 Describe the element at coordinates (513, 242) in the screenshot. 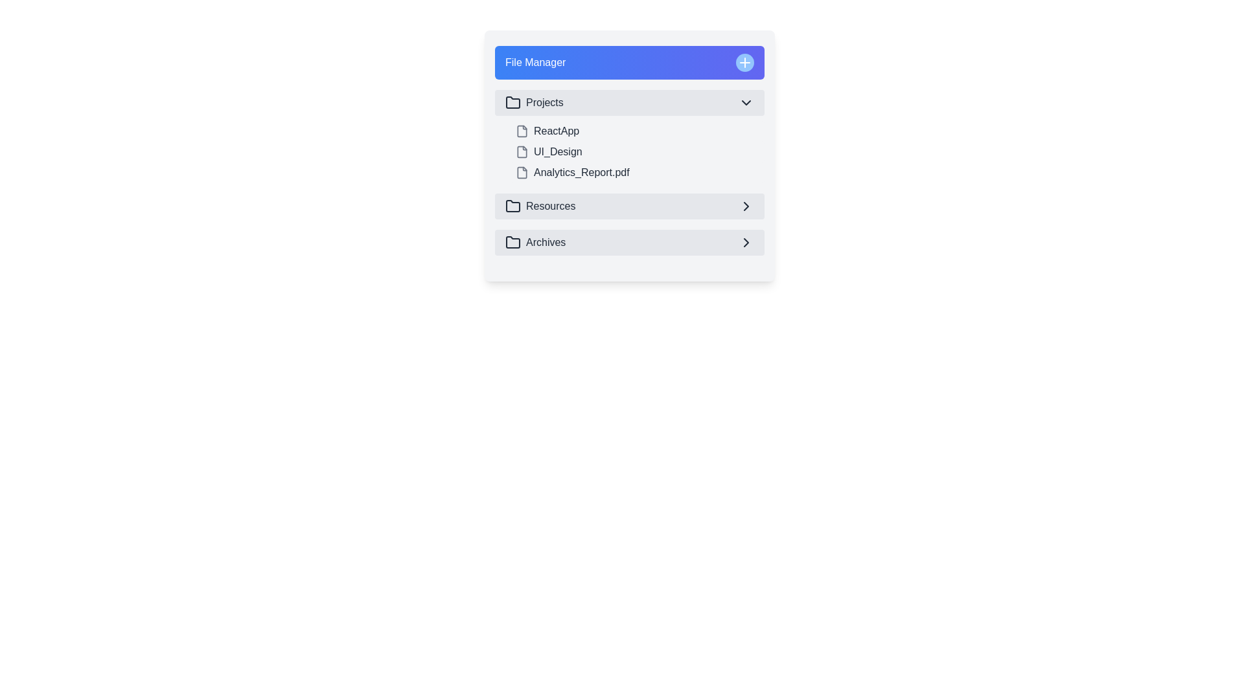

I see `the 'Archives' folder icon located in the bottom section of the file manager interface, positioned to the left of the text label 'Archives'` at that location.